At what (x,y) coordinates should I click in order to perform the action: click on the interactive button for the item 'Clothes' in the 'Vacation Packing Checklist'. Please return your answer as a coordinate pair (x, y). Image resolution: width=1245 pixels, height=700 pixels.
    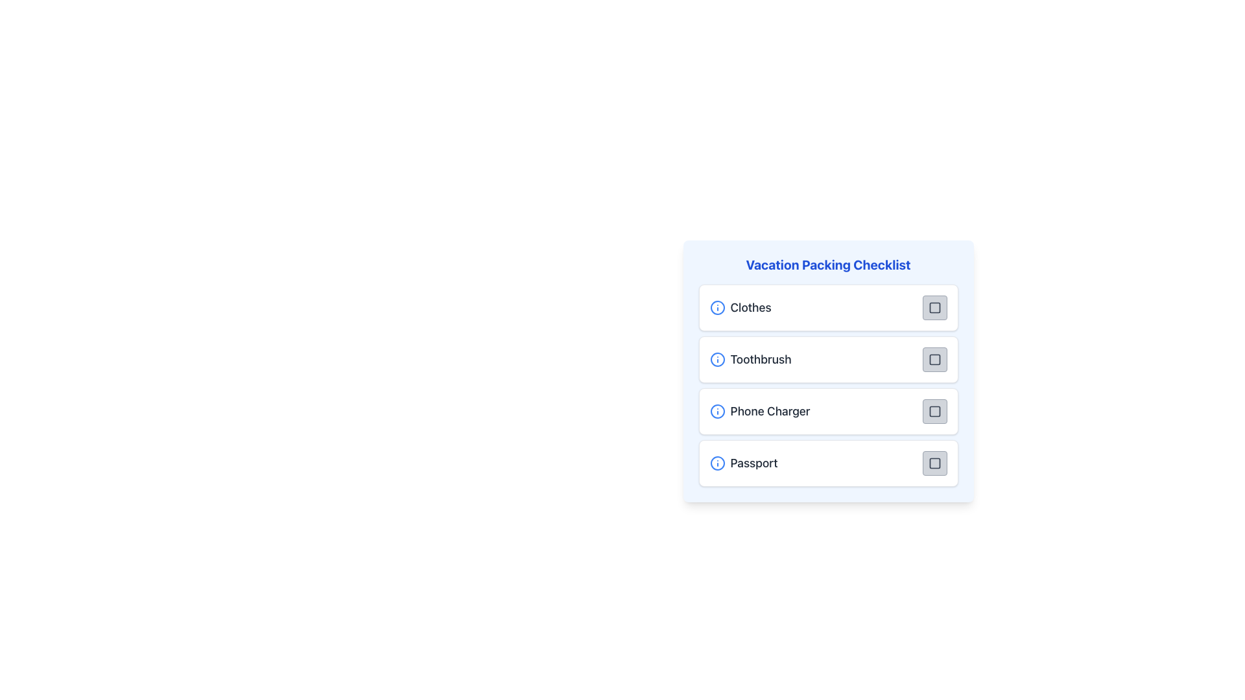
    Looking at the image, I should click on (934, 307).